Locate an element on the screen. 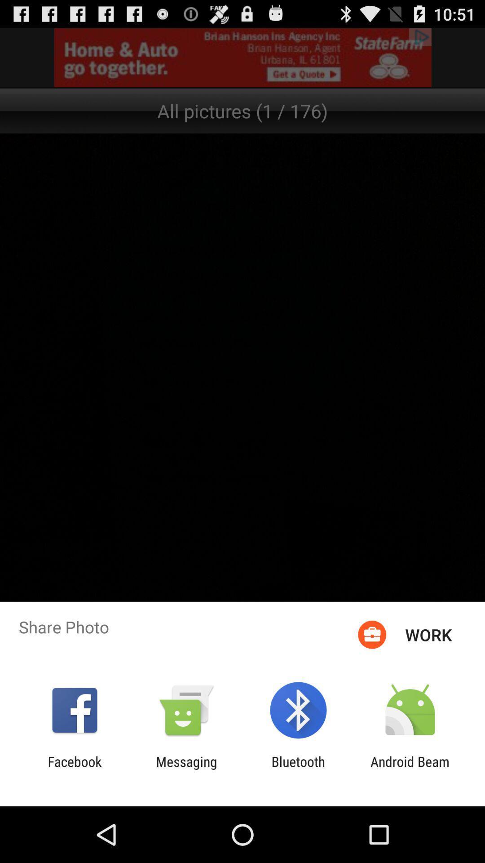 The height and width of the screenshot is (863, 485). the icon to the right of the bluetooth icon is located at coordinates (410, 769).